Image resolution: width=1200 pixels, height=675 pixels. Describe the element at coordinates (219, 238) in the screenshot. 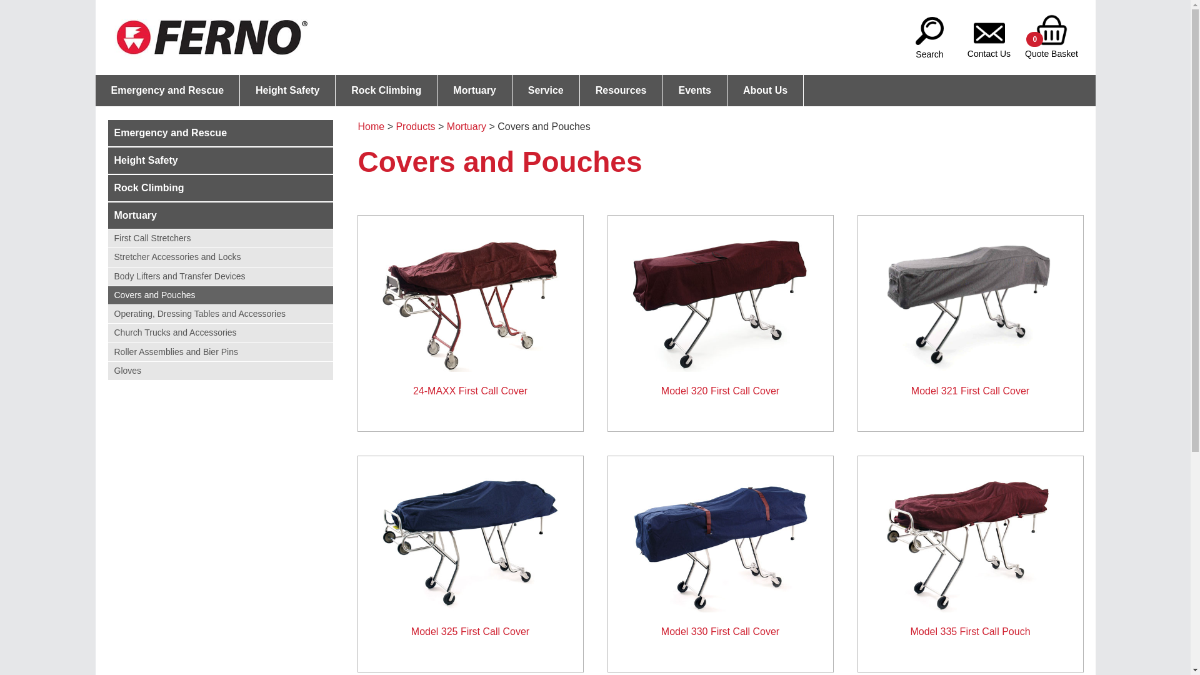

I see `'First Call Stretchers'` at that location.